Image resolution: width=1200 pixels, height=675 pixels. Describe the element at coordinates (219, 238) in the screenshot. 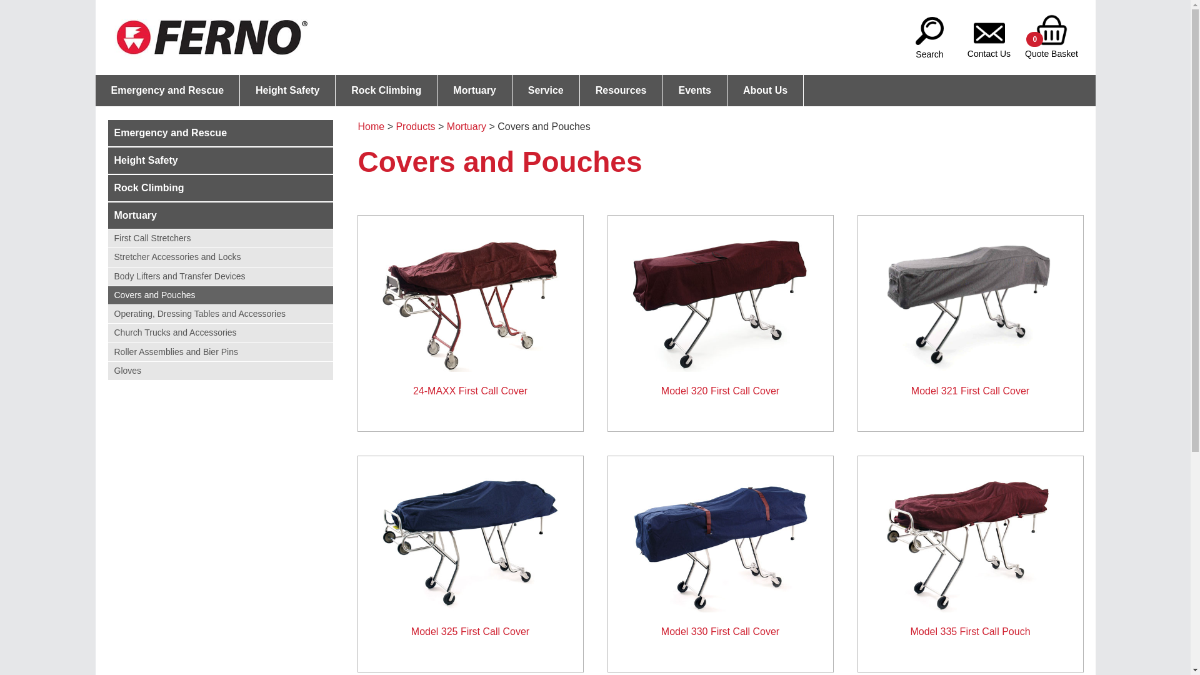

I see `'First Call Stretchers'` at that location.